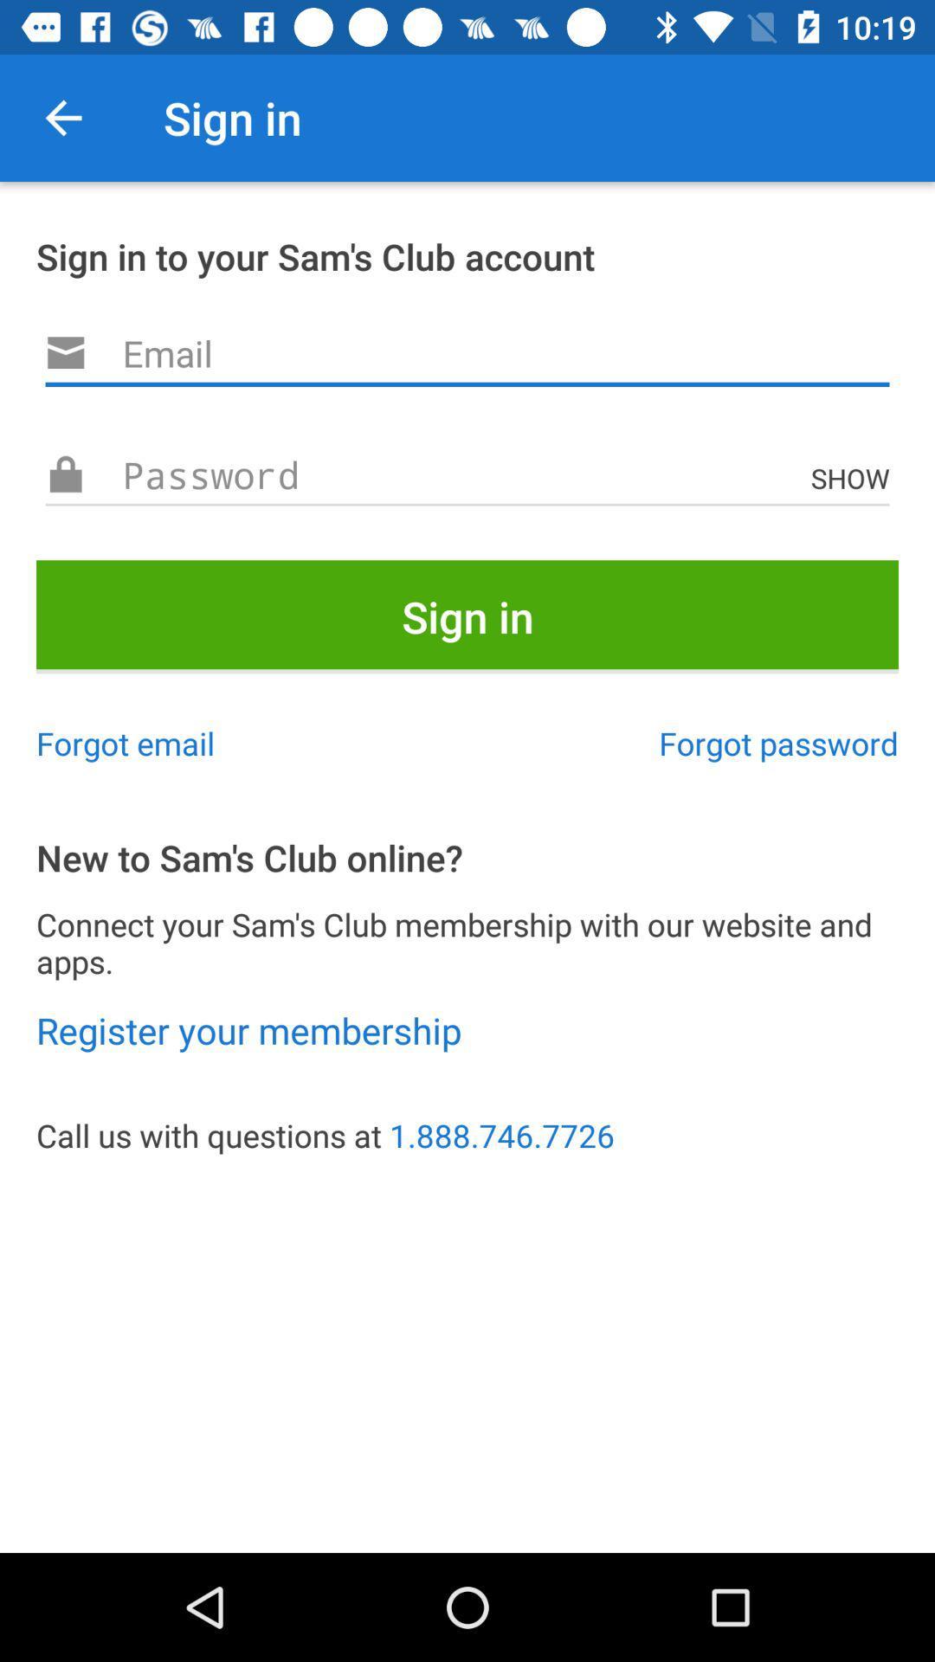 This screenshot has height=1662, width=935. I want to click on the icon above sign in to icon, so click(62, 117).